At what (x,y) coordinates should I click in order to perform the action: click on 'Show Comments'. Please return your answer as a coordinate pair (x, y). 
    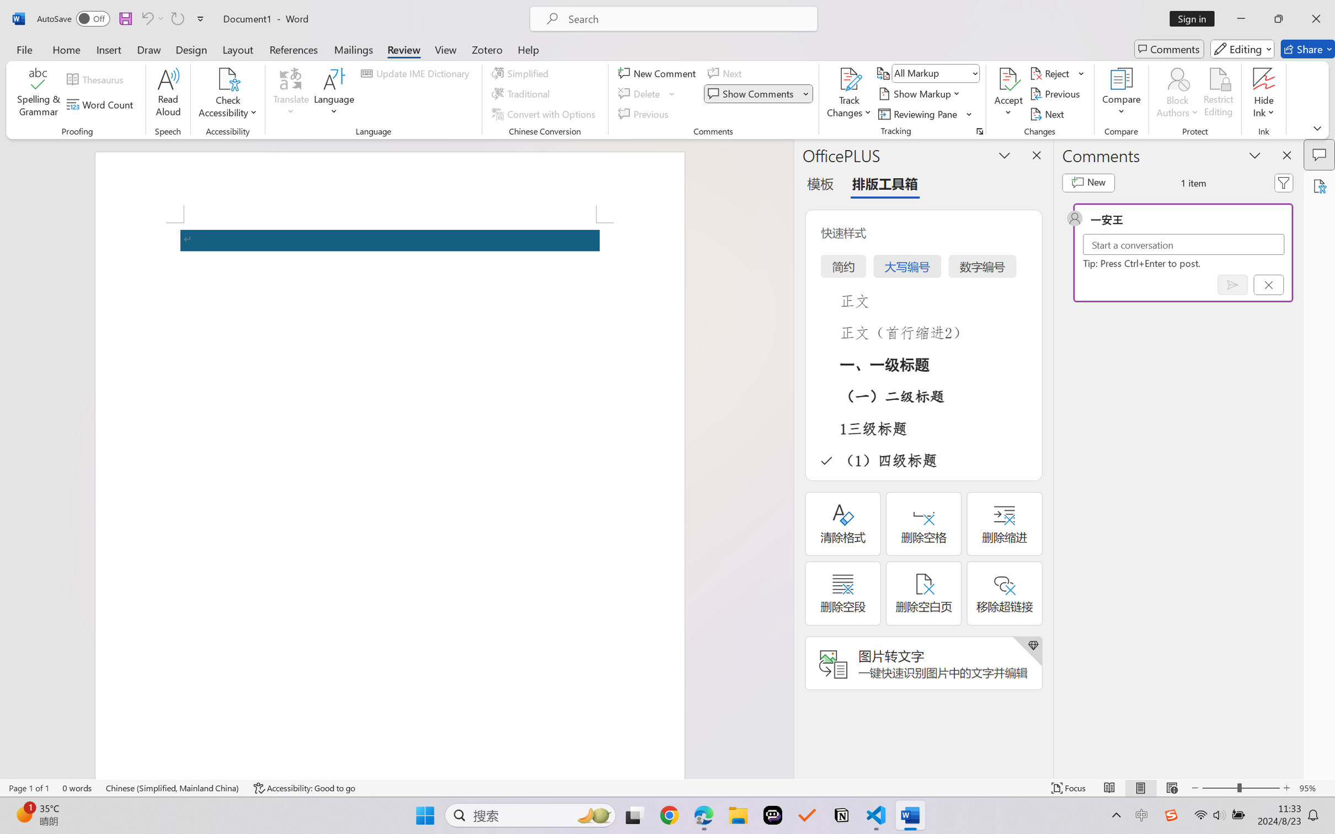
    Looking at the image, I should click on (758, 94).